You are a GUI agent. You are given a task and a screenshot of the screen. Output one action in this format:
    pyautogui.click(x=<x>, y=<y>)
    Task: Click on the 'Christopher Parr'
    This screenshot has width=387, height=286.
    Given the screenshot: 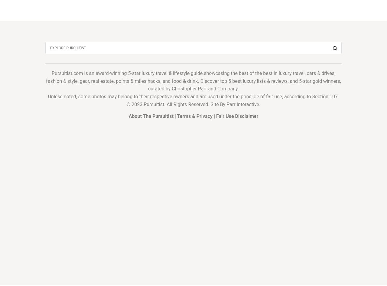 What is the action you would take?
    pyautogui.click(x=189, y=88)
    